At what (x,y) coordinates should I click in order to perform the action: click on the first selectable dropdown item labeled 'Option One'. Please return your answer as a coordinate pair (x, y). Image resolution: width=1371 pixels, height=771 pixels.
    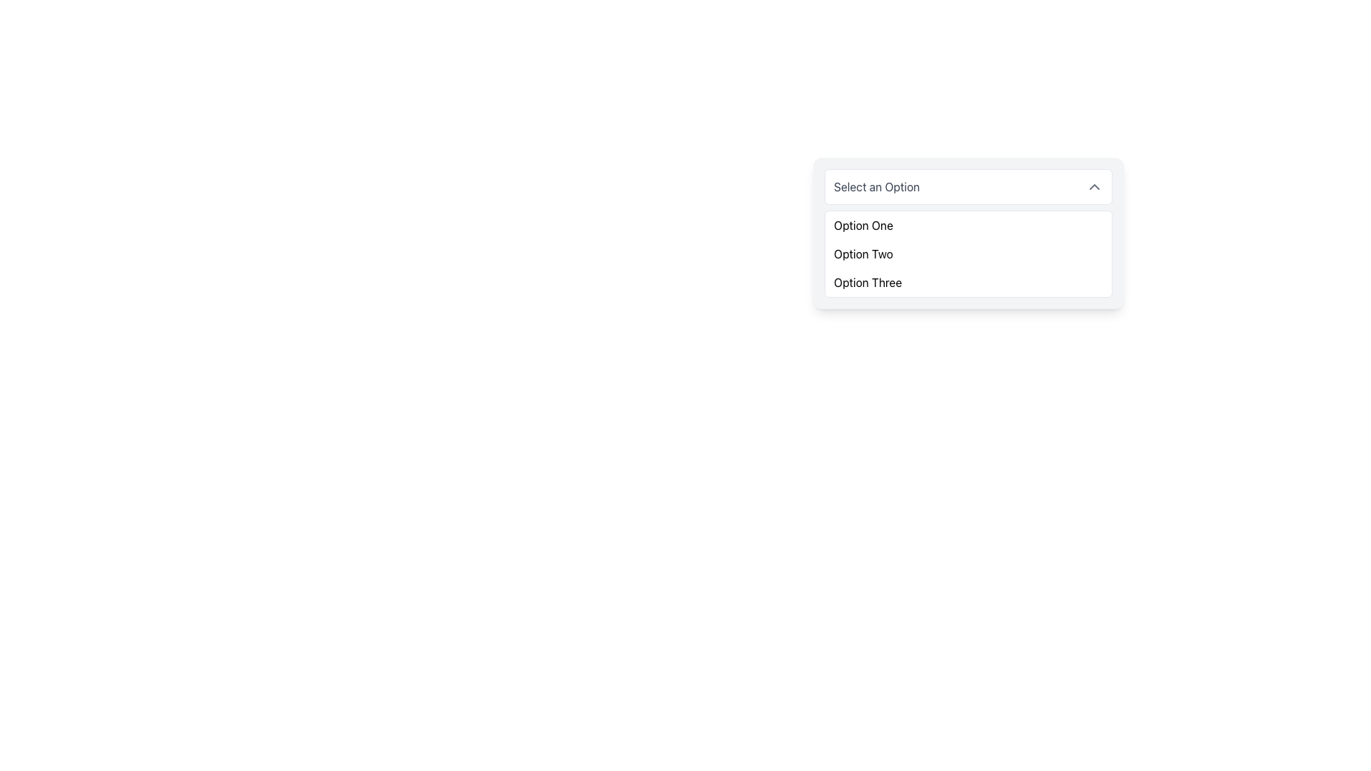
    Looking at the image, I should click on (968, 225).